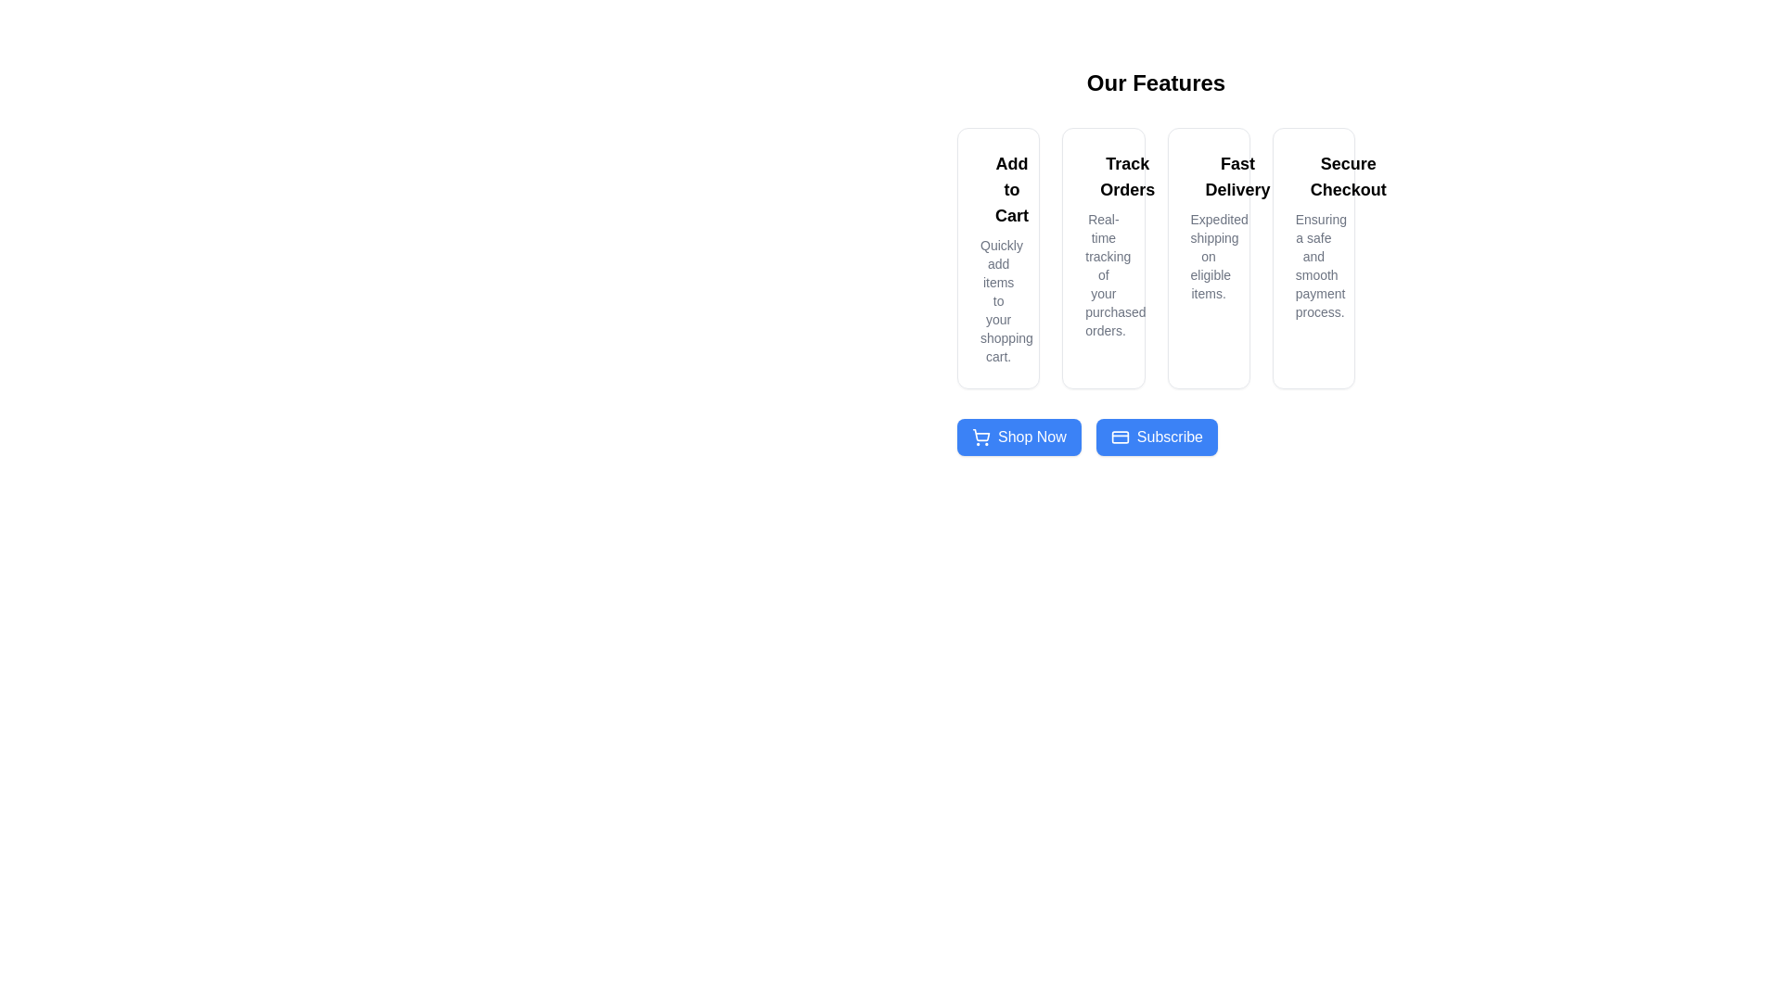 The width and height of the screenshot is (1781, 1001). What do you see at coordinates (1198, 171) in the screenshot?
I see `the vector graphic element in the truck illustration that represents the 'Fast Delivery' feature located in the third feature section` at bounding box center [1198, 171].